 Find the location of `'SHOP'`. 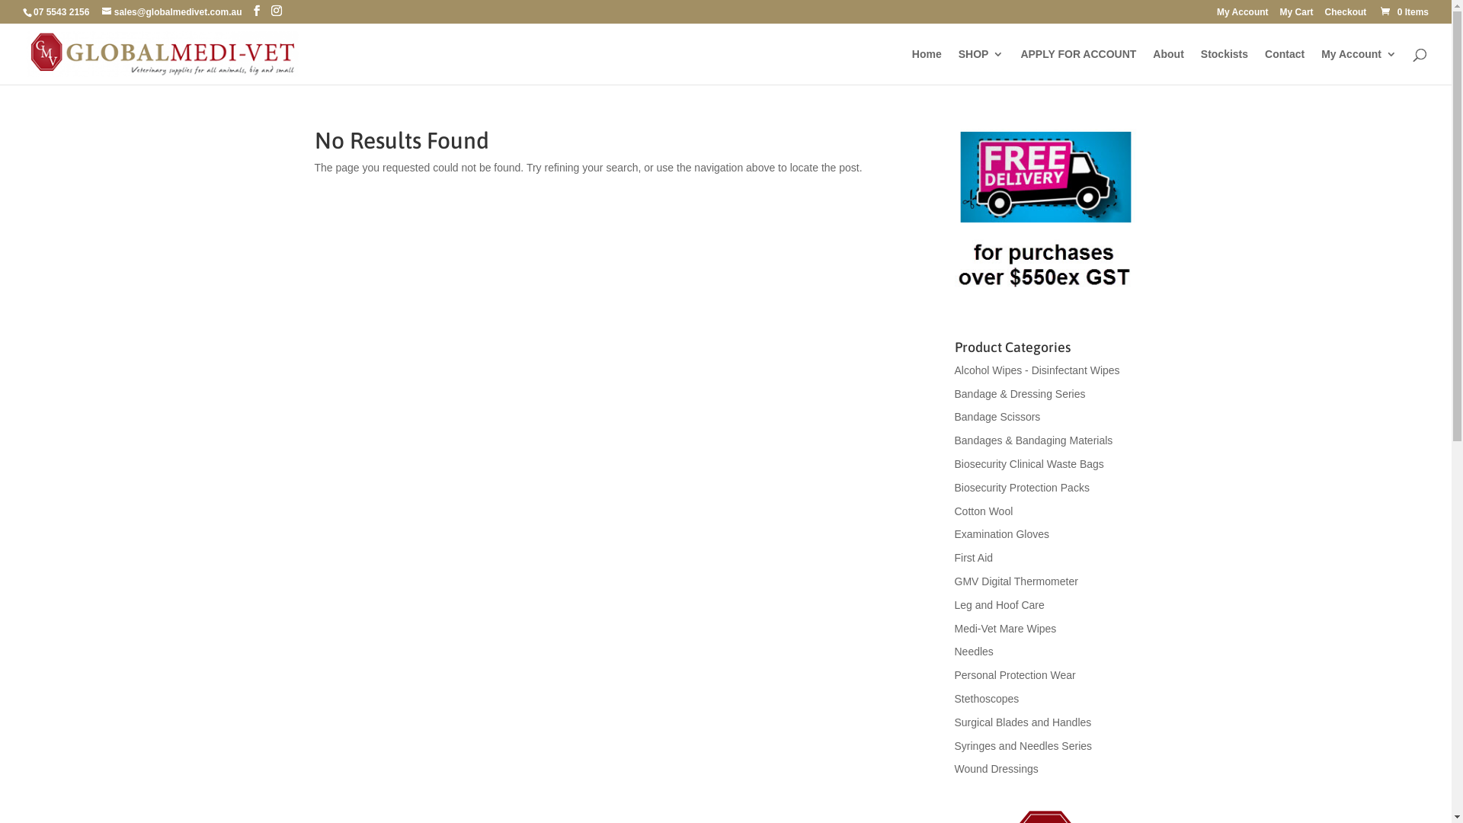

'SHOP' is located at coordinates (981, 66).